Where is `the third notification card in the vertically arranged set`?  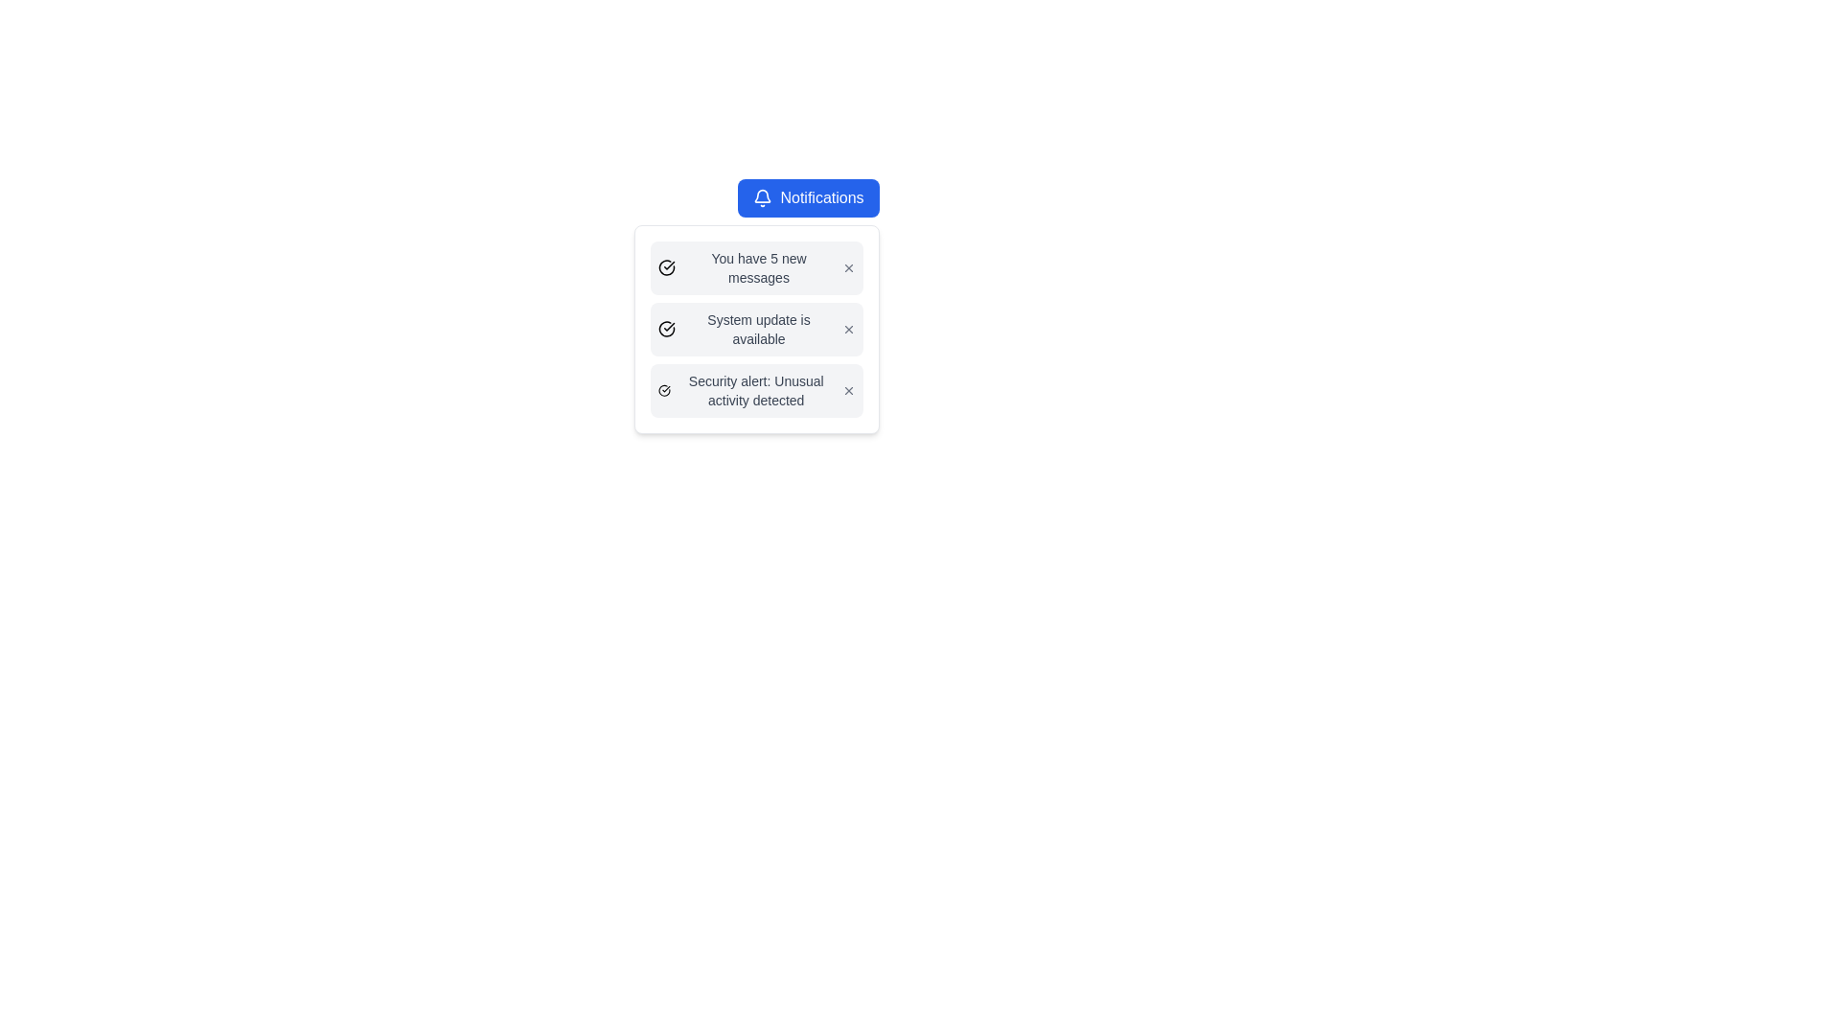 the third notification card in the vertically arranged set is located at coordinates (755, 390).